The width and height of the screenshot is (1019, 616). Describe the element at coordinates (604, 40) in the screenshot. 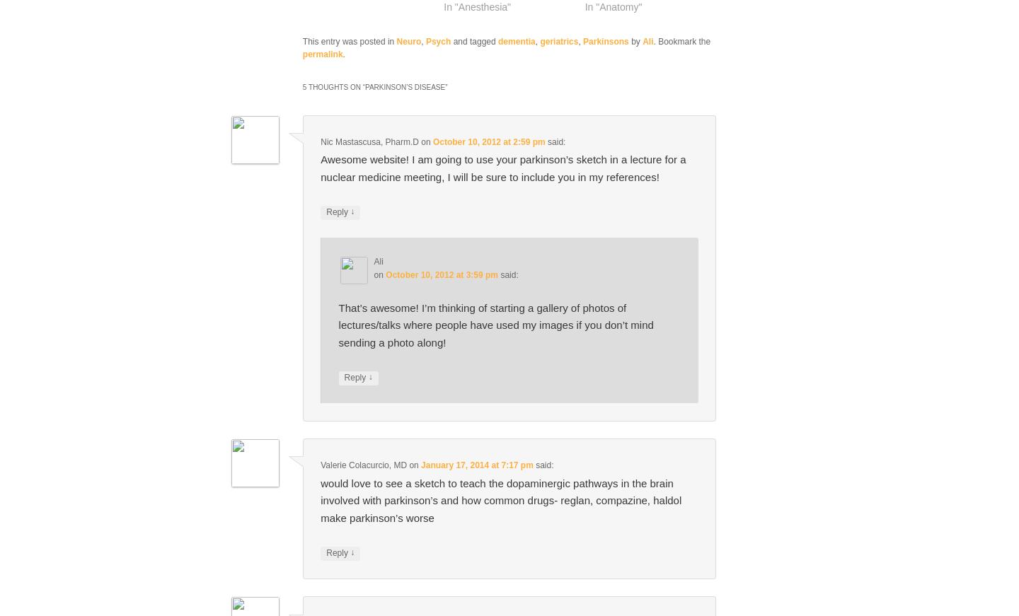

I see `'Parkinsons'` at that location.